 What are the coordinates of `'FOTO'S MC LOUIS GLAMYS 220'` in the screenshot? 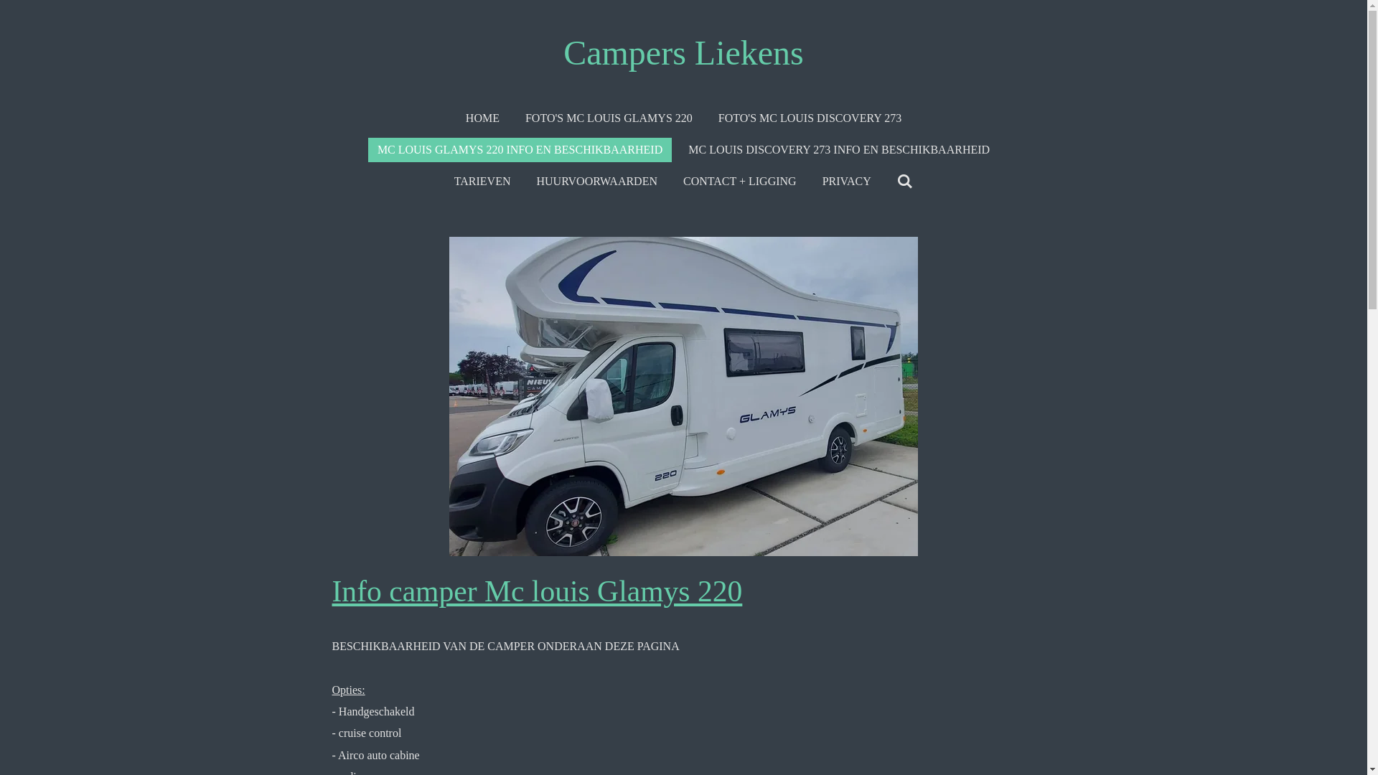 It's located at (609, 118).